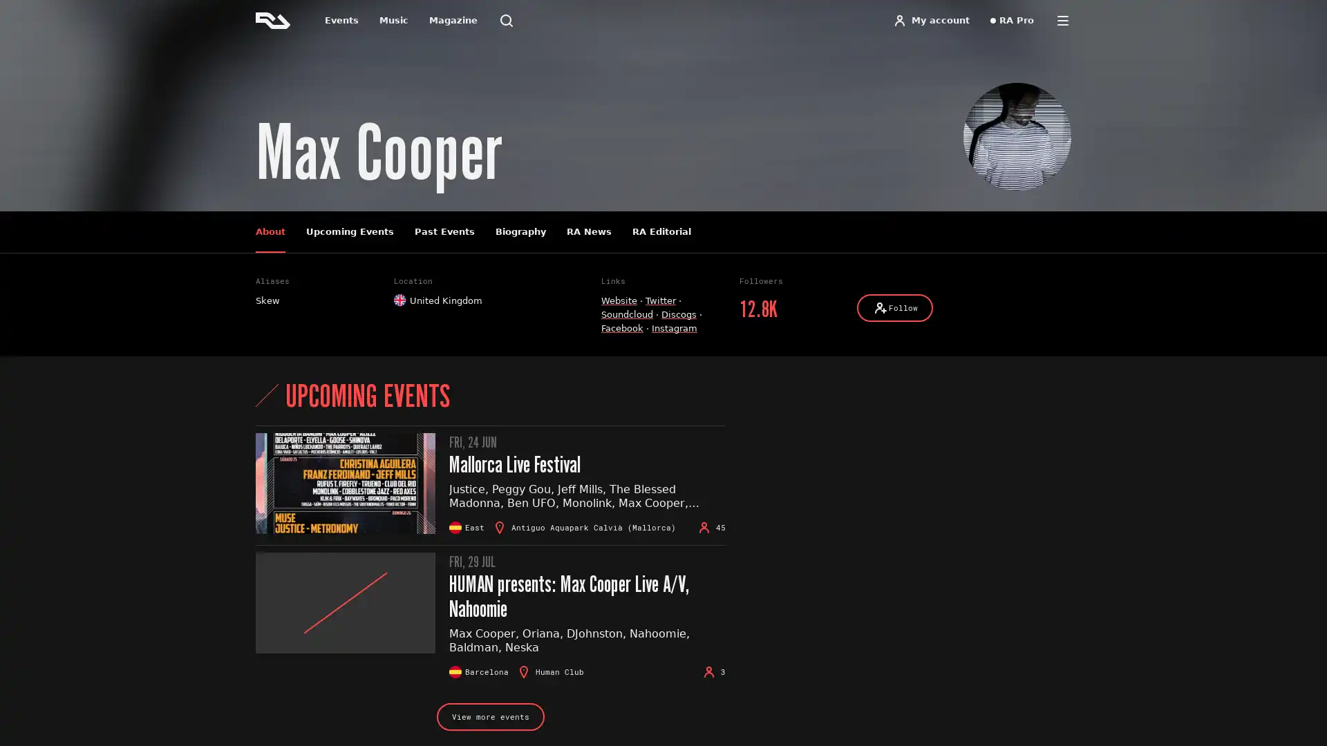  I want to click on View more events, so click(491, 716).